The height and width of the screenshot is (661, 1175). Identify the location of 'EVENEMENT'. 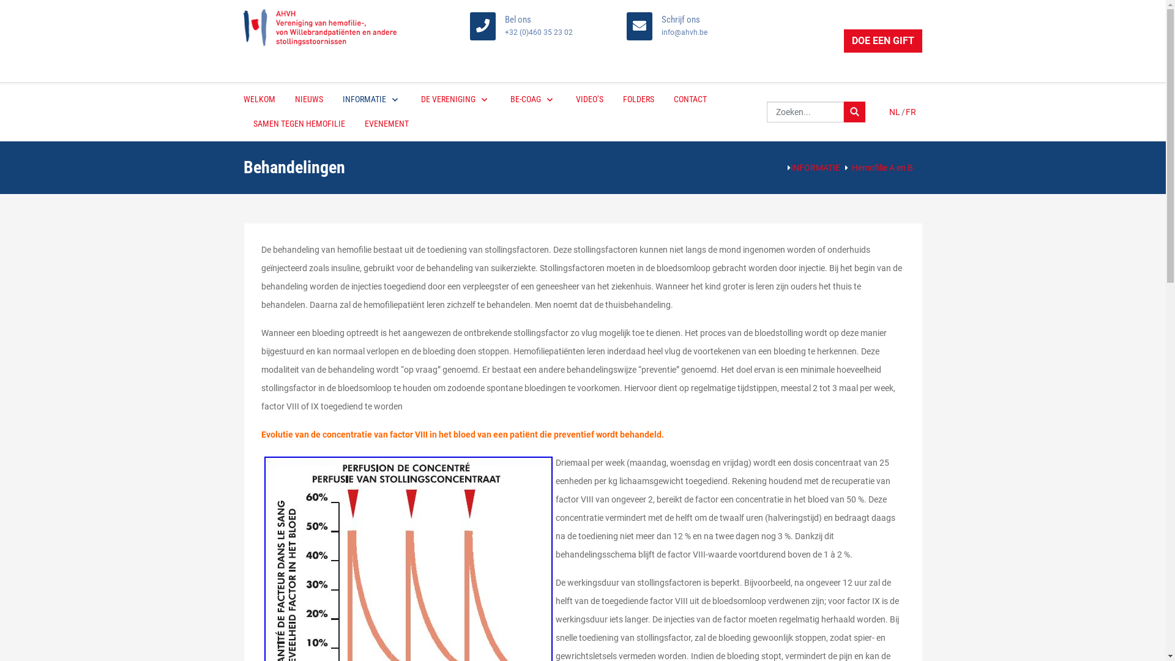
(386, 124).